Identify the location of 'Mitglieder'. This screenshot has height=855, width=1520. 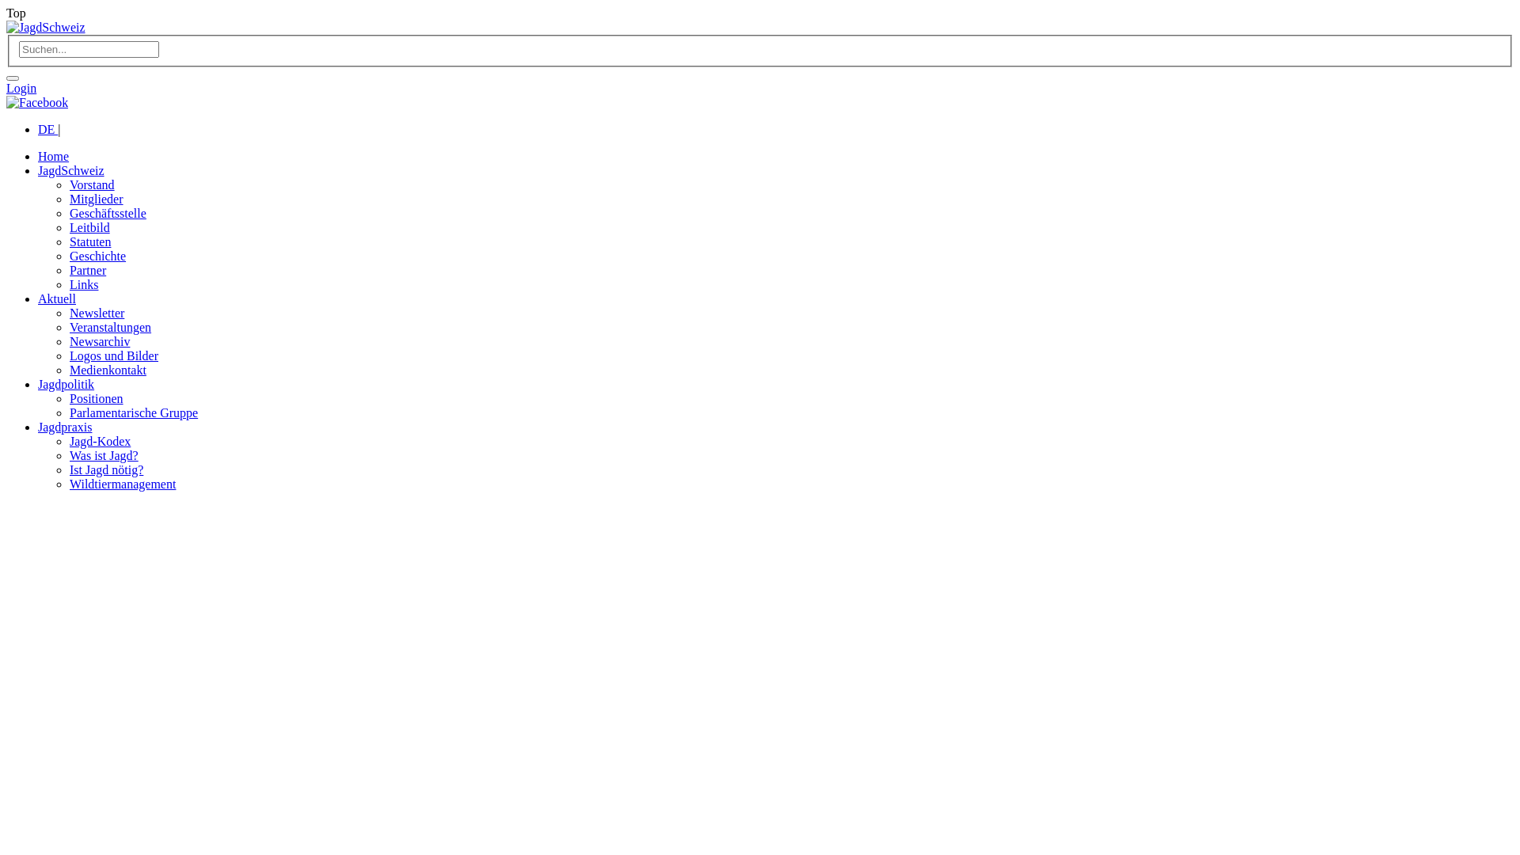
(95, 198).